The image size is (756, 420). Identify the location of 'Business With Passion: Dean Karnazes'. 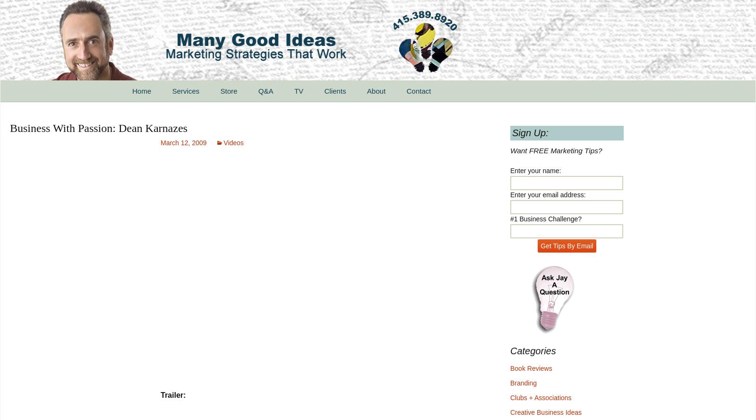
(98, 128).